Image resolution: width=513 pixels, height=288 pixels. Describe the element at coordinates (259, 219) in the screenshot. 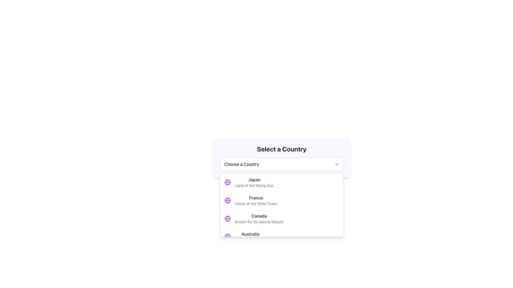

I see `the third option in the dropdown list that displays 'Canada' with the description 'Known for its natural beauty'` at that location.